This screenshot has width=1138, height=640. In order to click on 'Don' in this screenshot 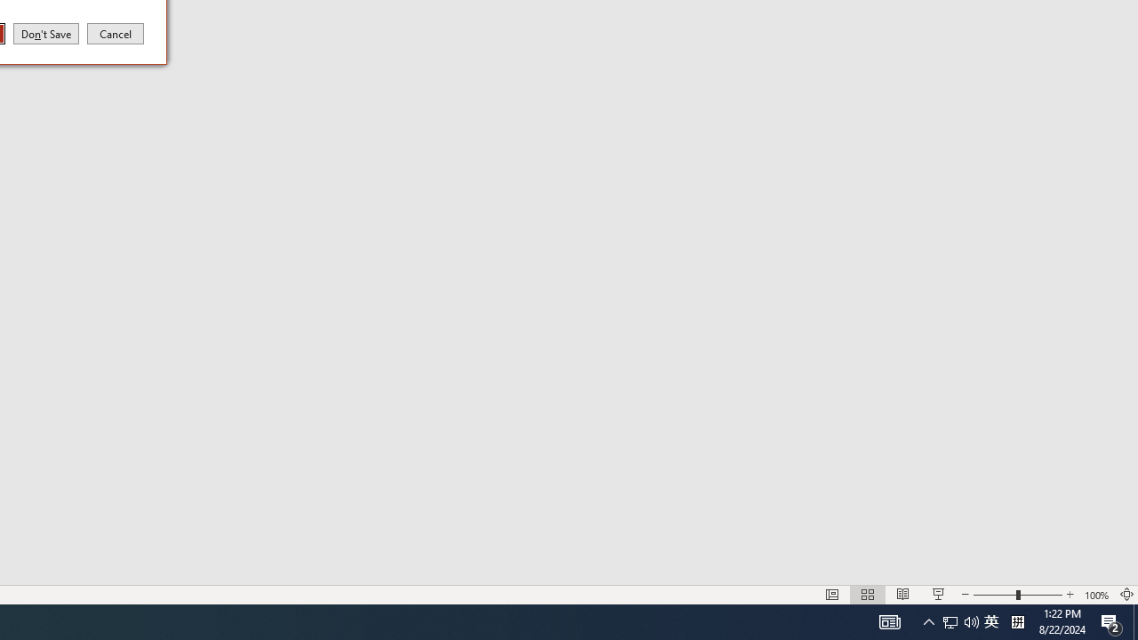, I will do `click(46, 33)`.